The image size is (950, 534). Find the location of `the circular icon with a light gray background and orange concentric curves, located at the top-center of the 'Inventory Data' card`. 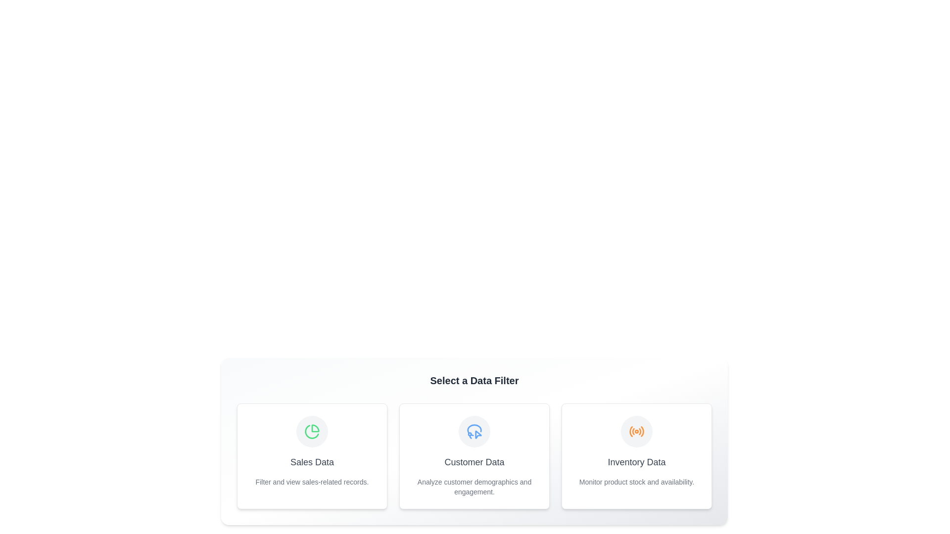

the circular icon with a light gray background and orange concentric curves, located at the top-center of the 'Inventory Data' card is located at coordinates (636, 431).